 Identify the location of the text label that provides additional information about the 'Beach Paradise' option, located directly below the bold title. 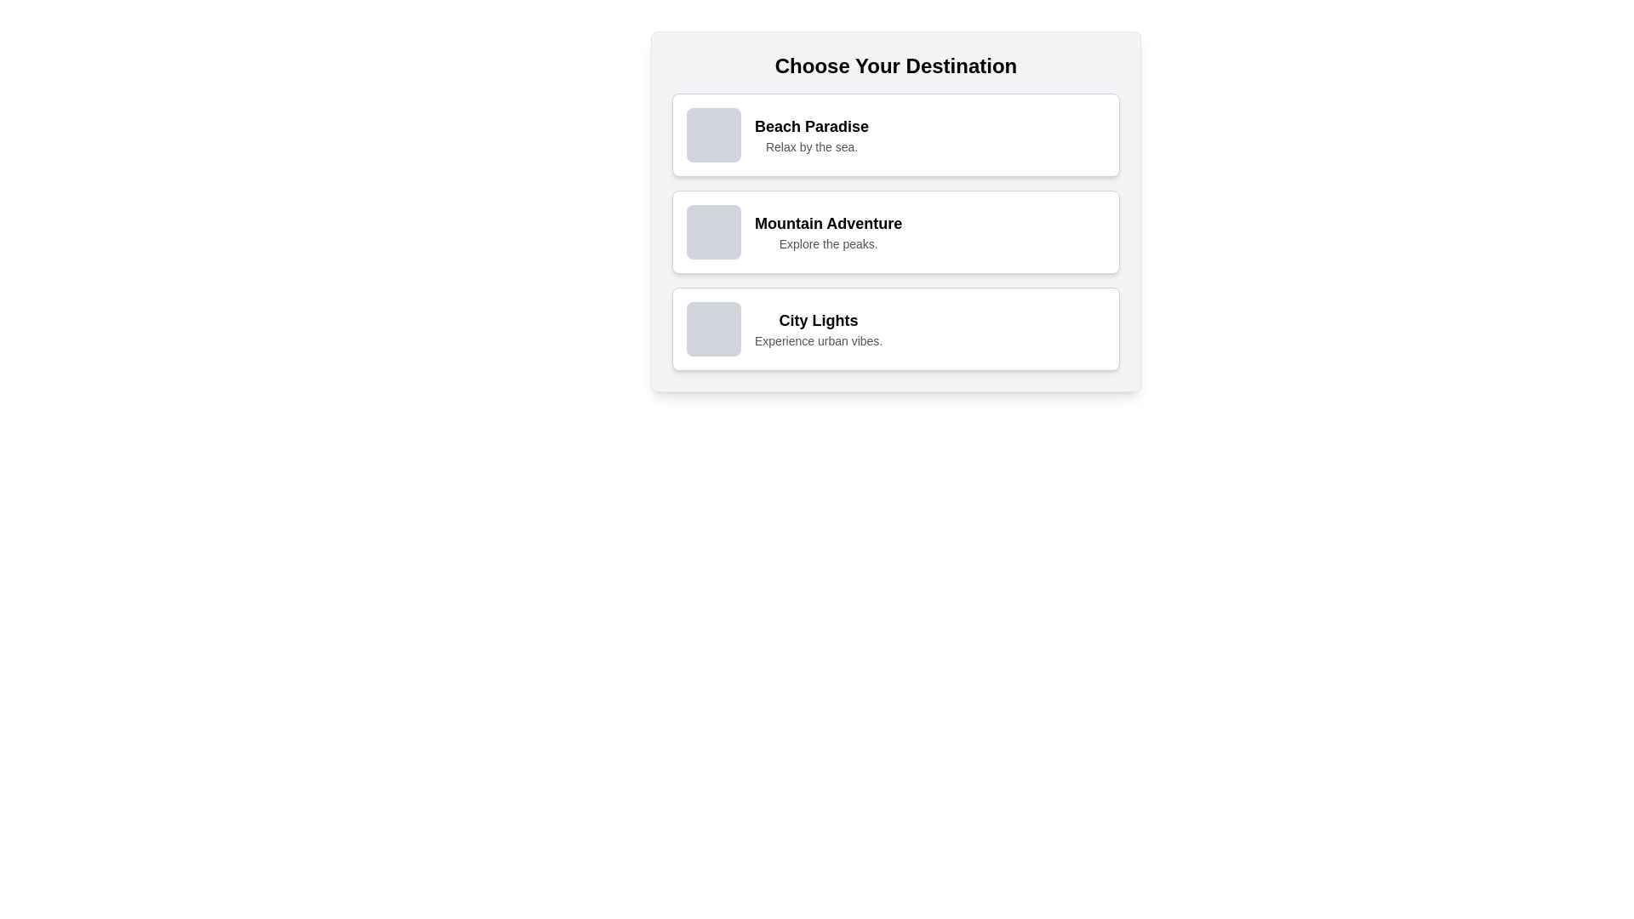
(811, 146).